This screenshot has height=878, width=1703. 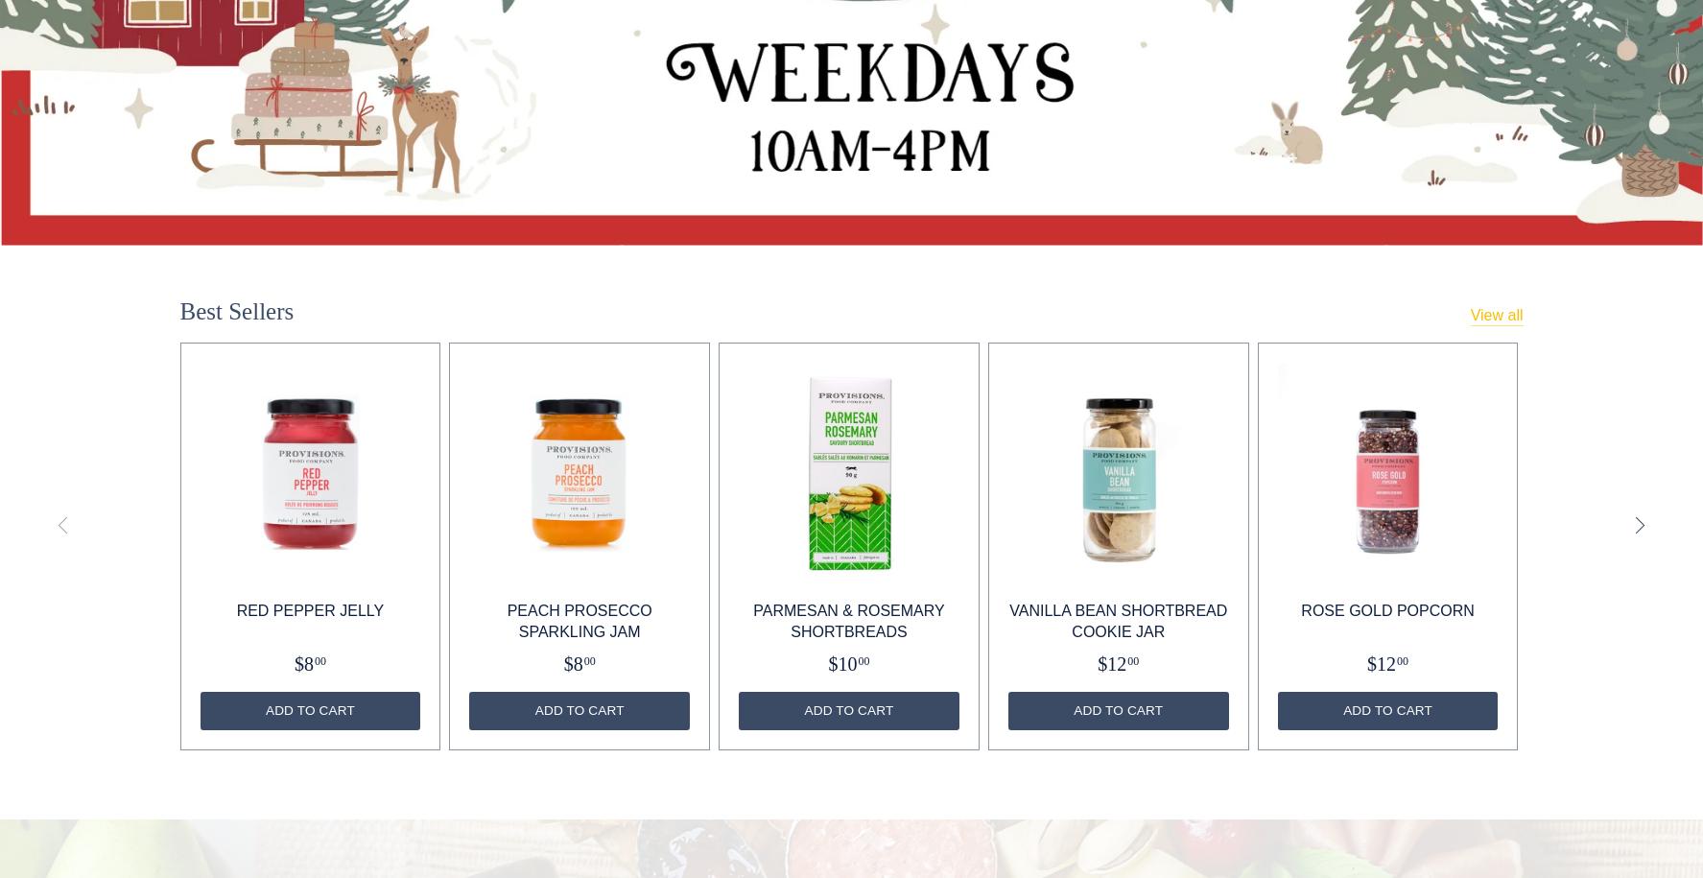 What do you see at coordinates (309, 609) in the screenshot?
I see `'RED PEPPER JELLY'` at bounding box center [309, 609].